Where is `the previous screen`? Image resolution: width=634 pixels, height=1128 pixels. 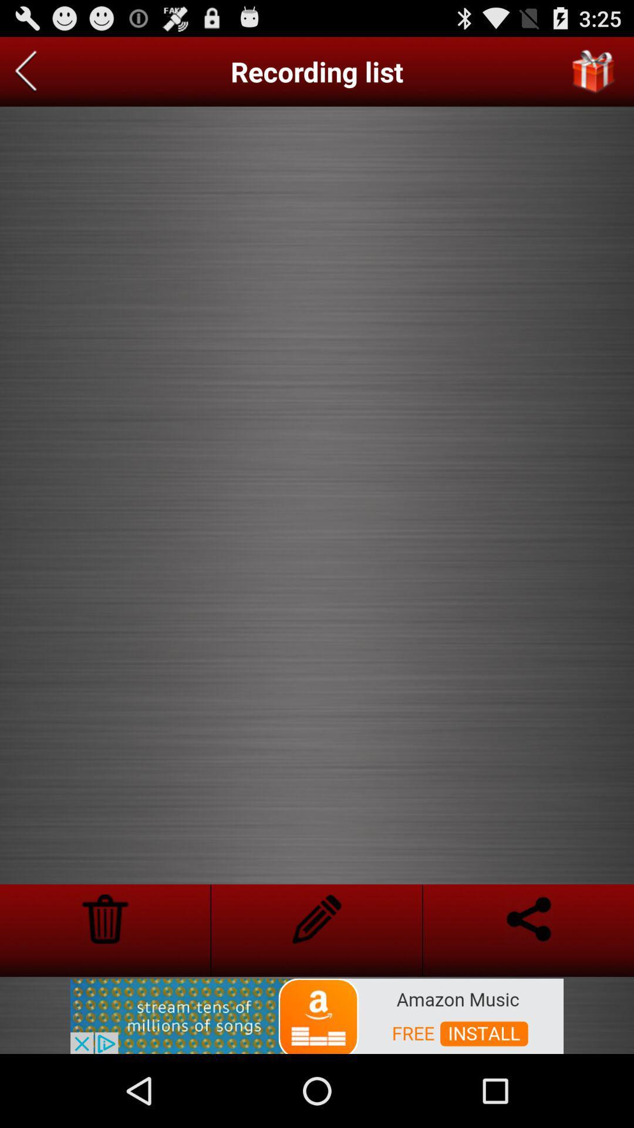
the previous screen is located at coordinates (26, 71).